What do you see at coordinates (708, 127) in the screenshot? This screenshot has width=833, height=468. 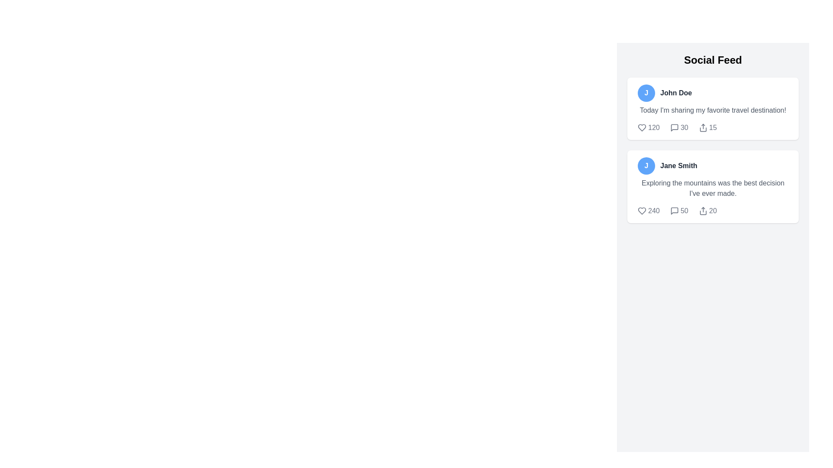 I see `the Label with the number '15' next to the share icon, located on the right within the top post card in the 'Social Feed' section` at bounding box center [708, 127].